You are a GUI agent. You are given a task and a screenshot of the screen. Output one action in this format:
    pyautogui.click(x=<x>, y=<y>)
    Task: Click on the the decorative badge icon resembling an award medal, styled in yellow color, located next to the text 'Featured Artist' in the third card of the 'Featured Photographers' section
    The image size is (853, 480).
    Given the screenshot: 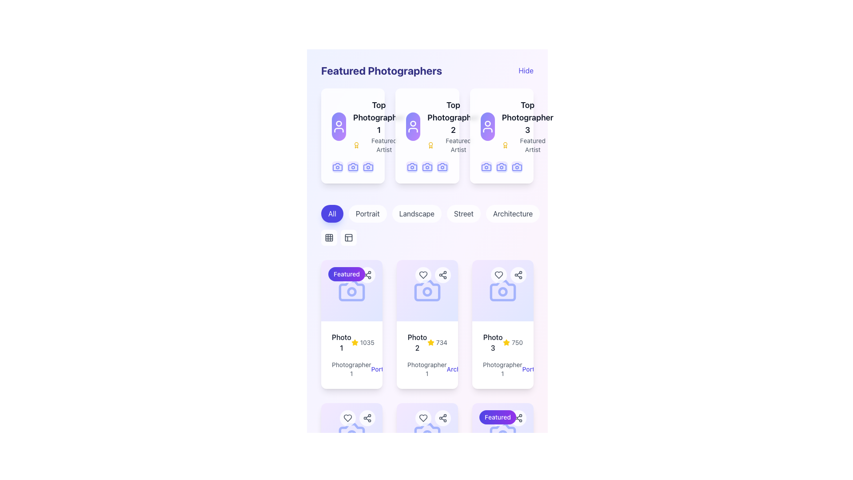 What is the action you would take?
    pyautogui.click(x=505, y=145)
    